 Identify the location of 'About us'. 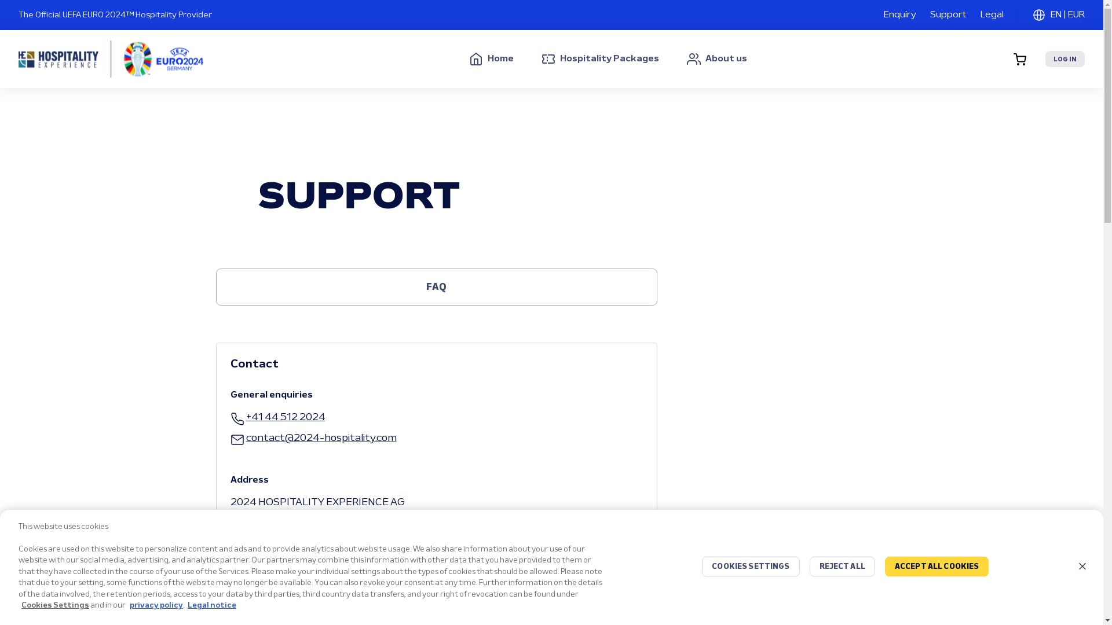
(716, 58).